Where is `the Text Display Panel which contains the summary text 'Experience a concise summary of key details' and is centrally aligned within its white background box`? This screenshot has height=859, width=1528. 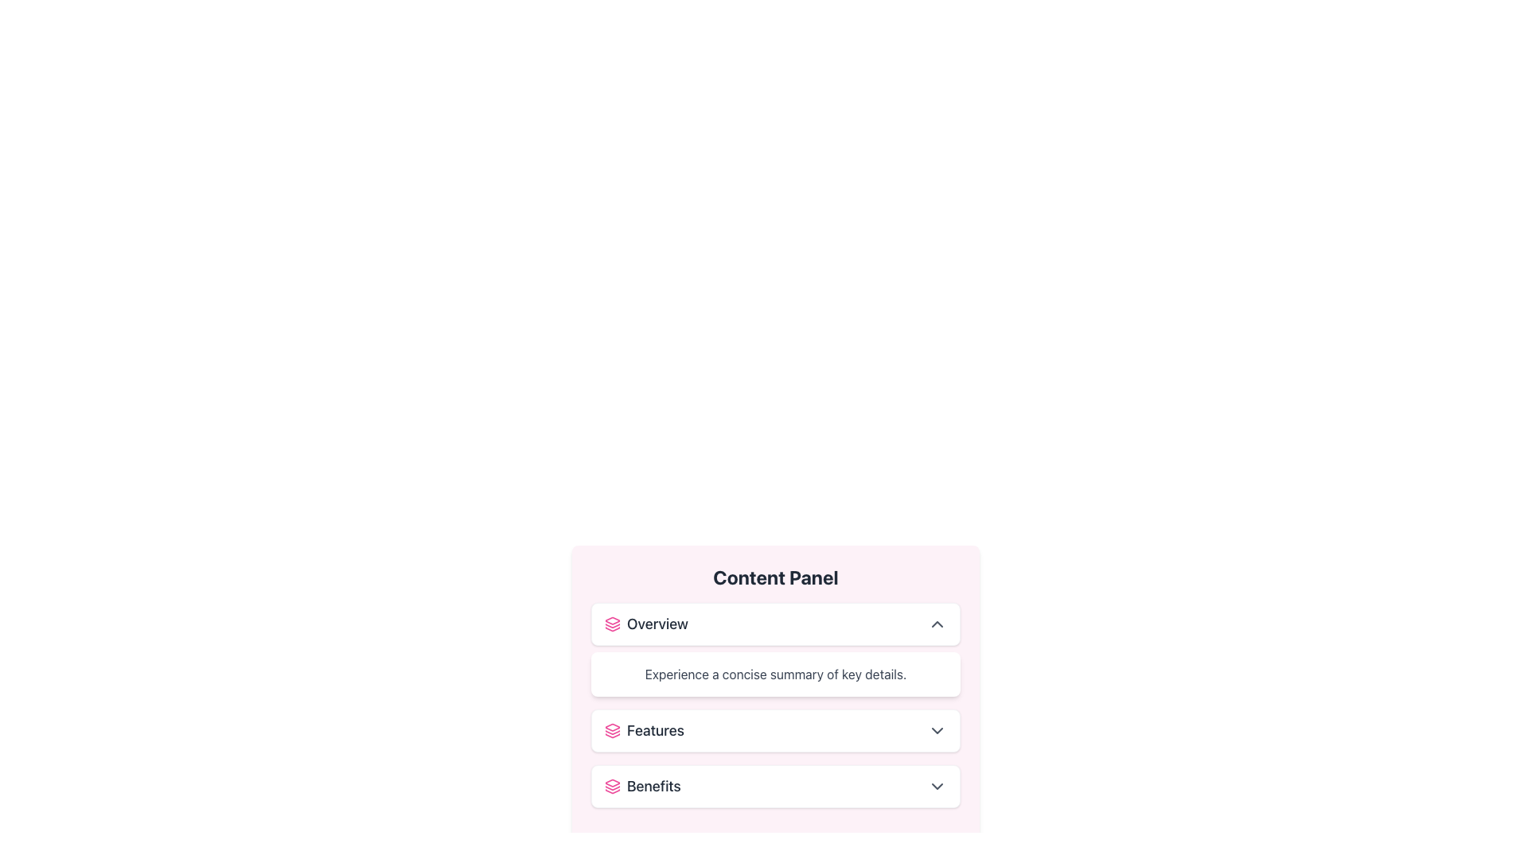
the Text Display Panel which contains the summary text 'Experience a concise summary of key details' and is centrally aligned within its white background box is located at coordinates (775, 678).